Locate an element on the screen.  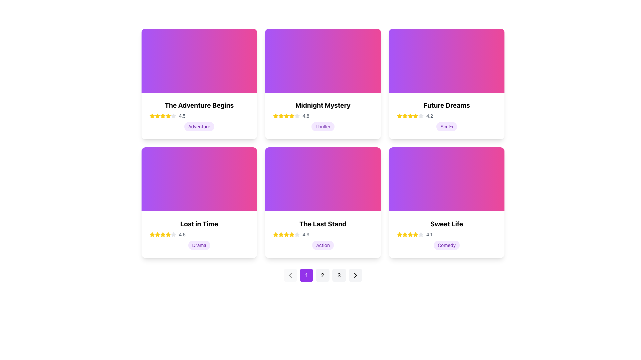
the 'Comedy' genre badge located in the bottom-right corner of the 'Sweet Life' card, positioned below the rating and title is located at coordinates (447, 245).